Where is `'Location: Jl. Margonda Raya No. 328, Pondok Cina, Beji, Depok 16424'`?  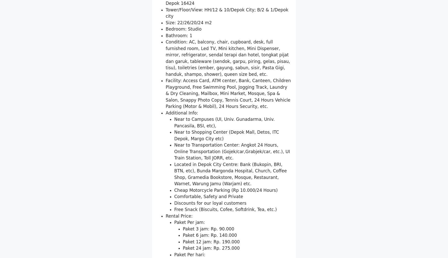 'Location: Jl. Margonda Raya No. 328, Pondok Cina, Beji, Depok 16424' is located at coordinates (225, 59).